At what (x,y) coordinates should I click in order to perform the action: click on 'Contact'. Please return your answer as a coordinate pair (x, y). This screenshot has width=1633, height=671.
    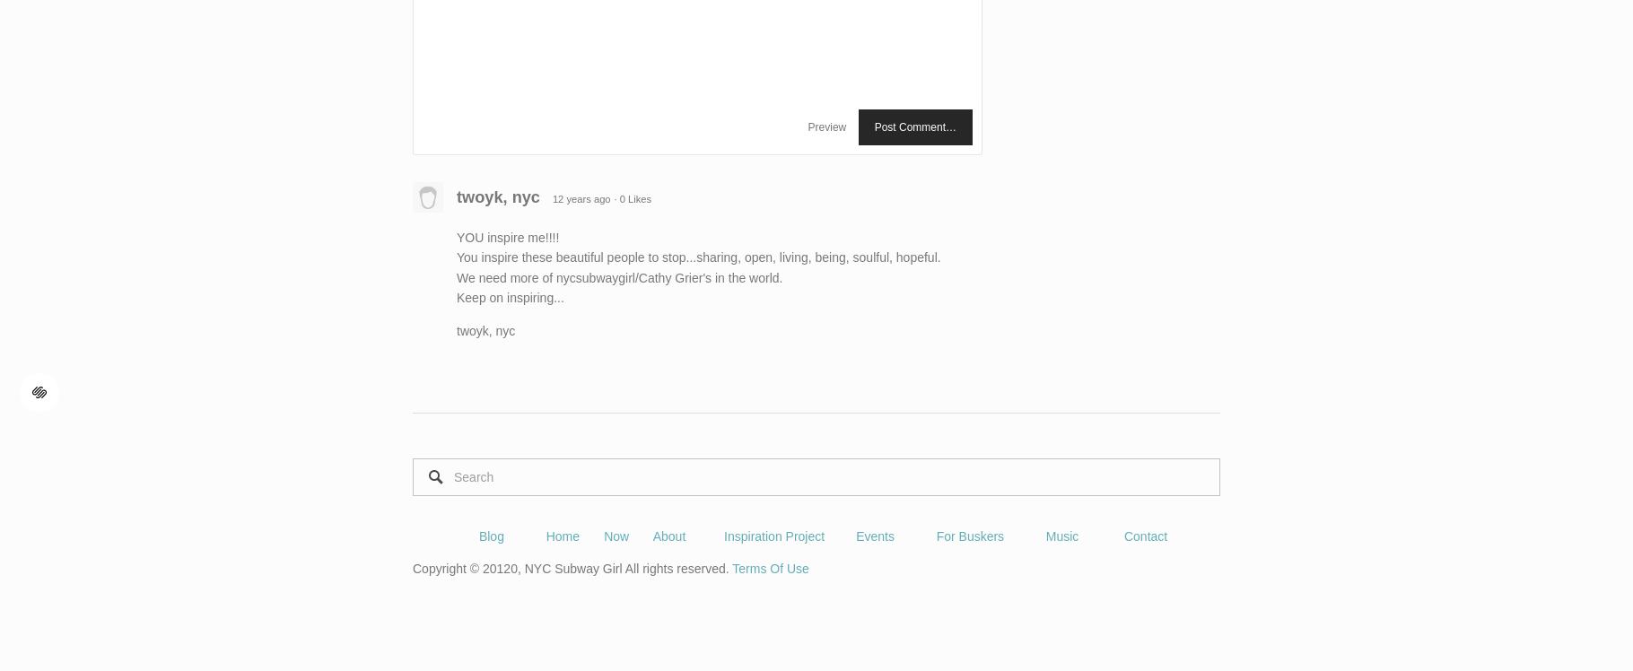
    Looking at the image, I should click on (1145, 536).